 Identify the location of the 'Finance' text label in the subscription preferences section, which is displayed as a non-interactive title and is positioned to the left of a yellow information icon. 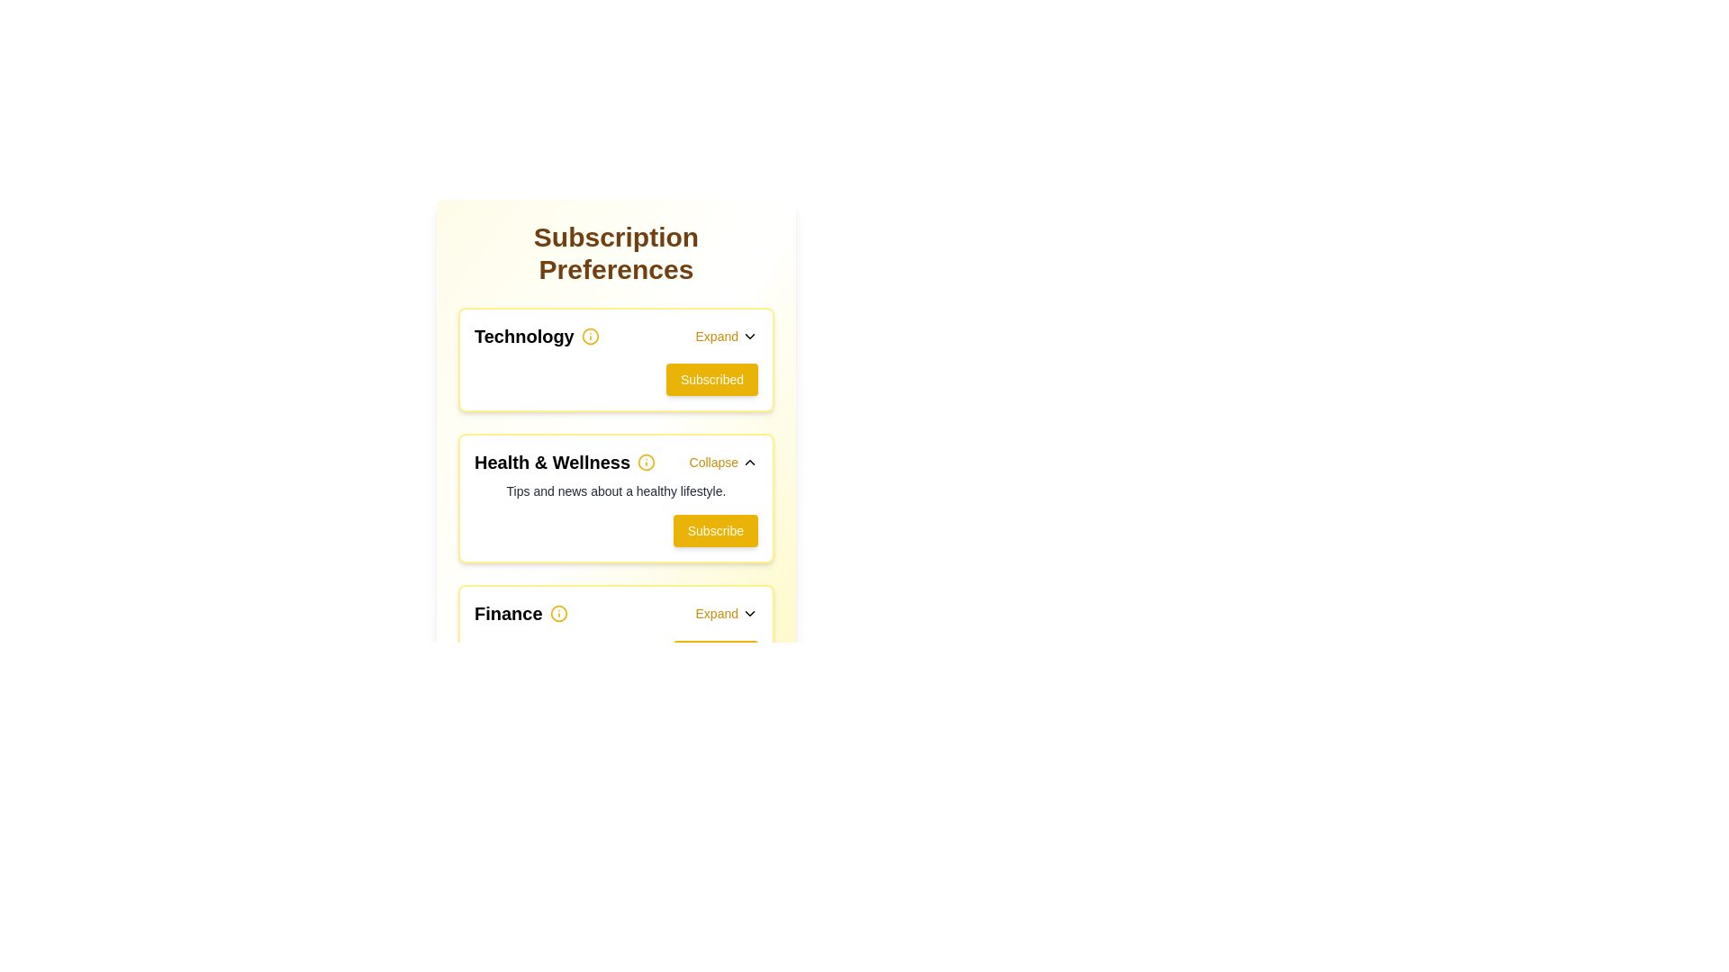
(520, 613).